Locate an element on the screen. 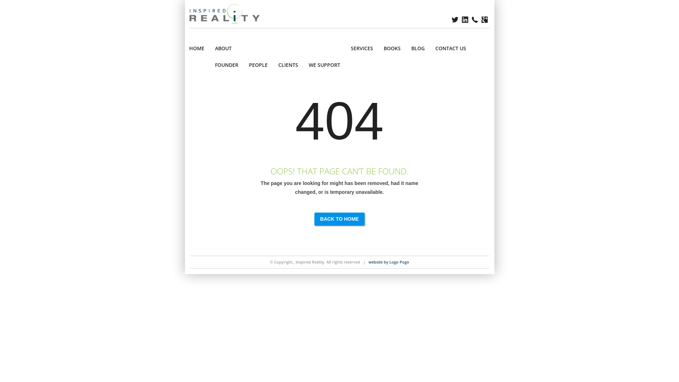 This screenshot has height=382, width=679. 'BOOKS' is located at coordinates (391, 48).